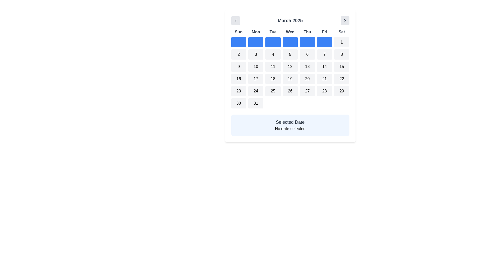 The width and height of the screenshot is (489, 275). Describe the element at coordinates (345, 20) in the screenshot. I see `the chevron arrow icon within the navigation button located at the top-right corner of the calendar interface` at that location.